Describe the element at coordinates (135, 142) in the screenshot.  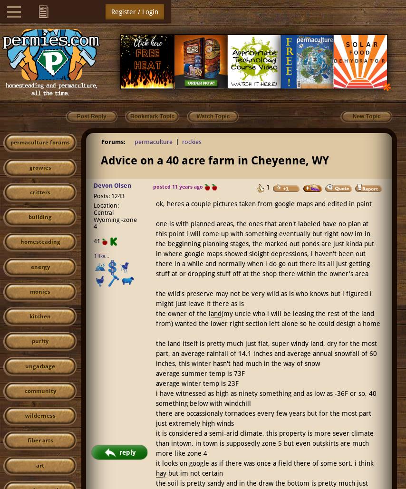
I see `'permaculture'` at that location.